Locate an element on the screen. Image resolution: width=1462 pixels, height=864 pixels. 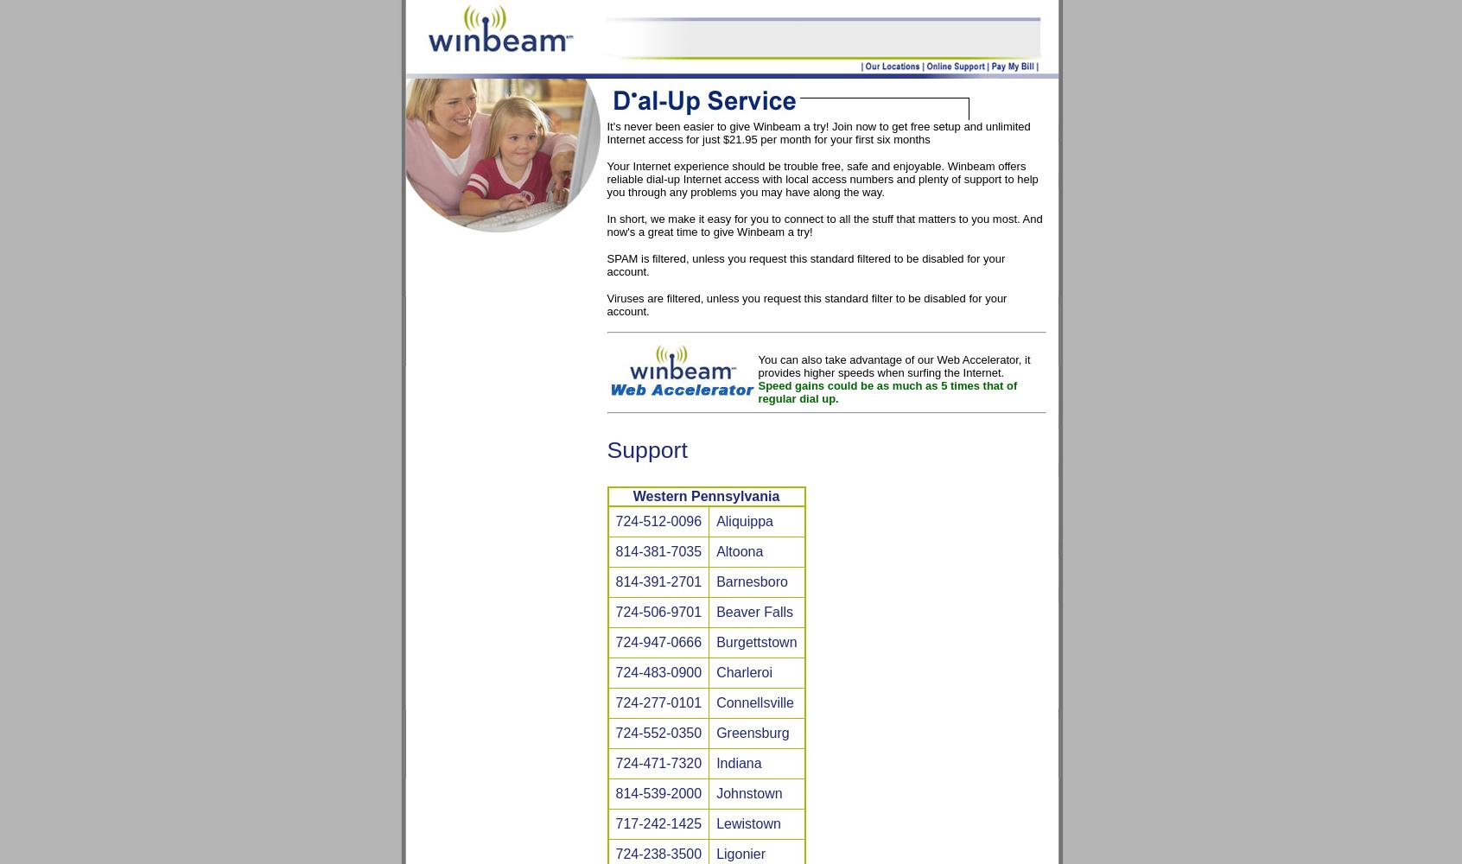
'Connellsville' is located at coordinates (753, 702).